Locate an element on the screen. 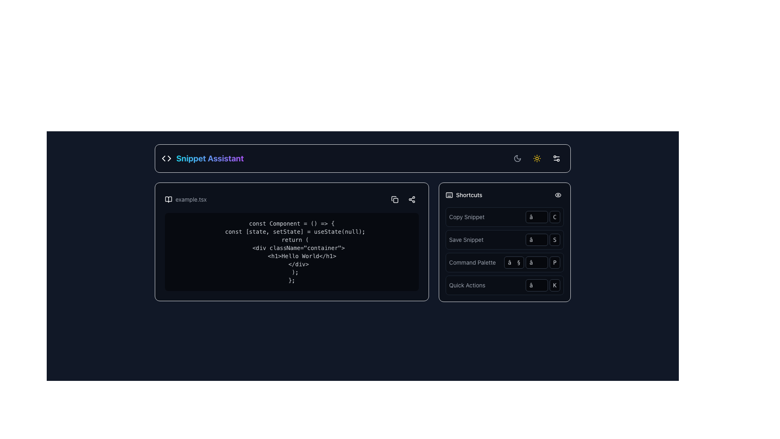 The width and height of the screenshot is (780, 439). the Shortcut indicator button displaying '⌘ K', which is located in the 'Quick Actions' section to the right of the title is located at coordinates (543, 285).